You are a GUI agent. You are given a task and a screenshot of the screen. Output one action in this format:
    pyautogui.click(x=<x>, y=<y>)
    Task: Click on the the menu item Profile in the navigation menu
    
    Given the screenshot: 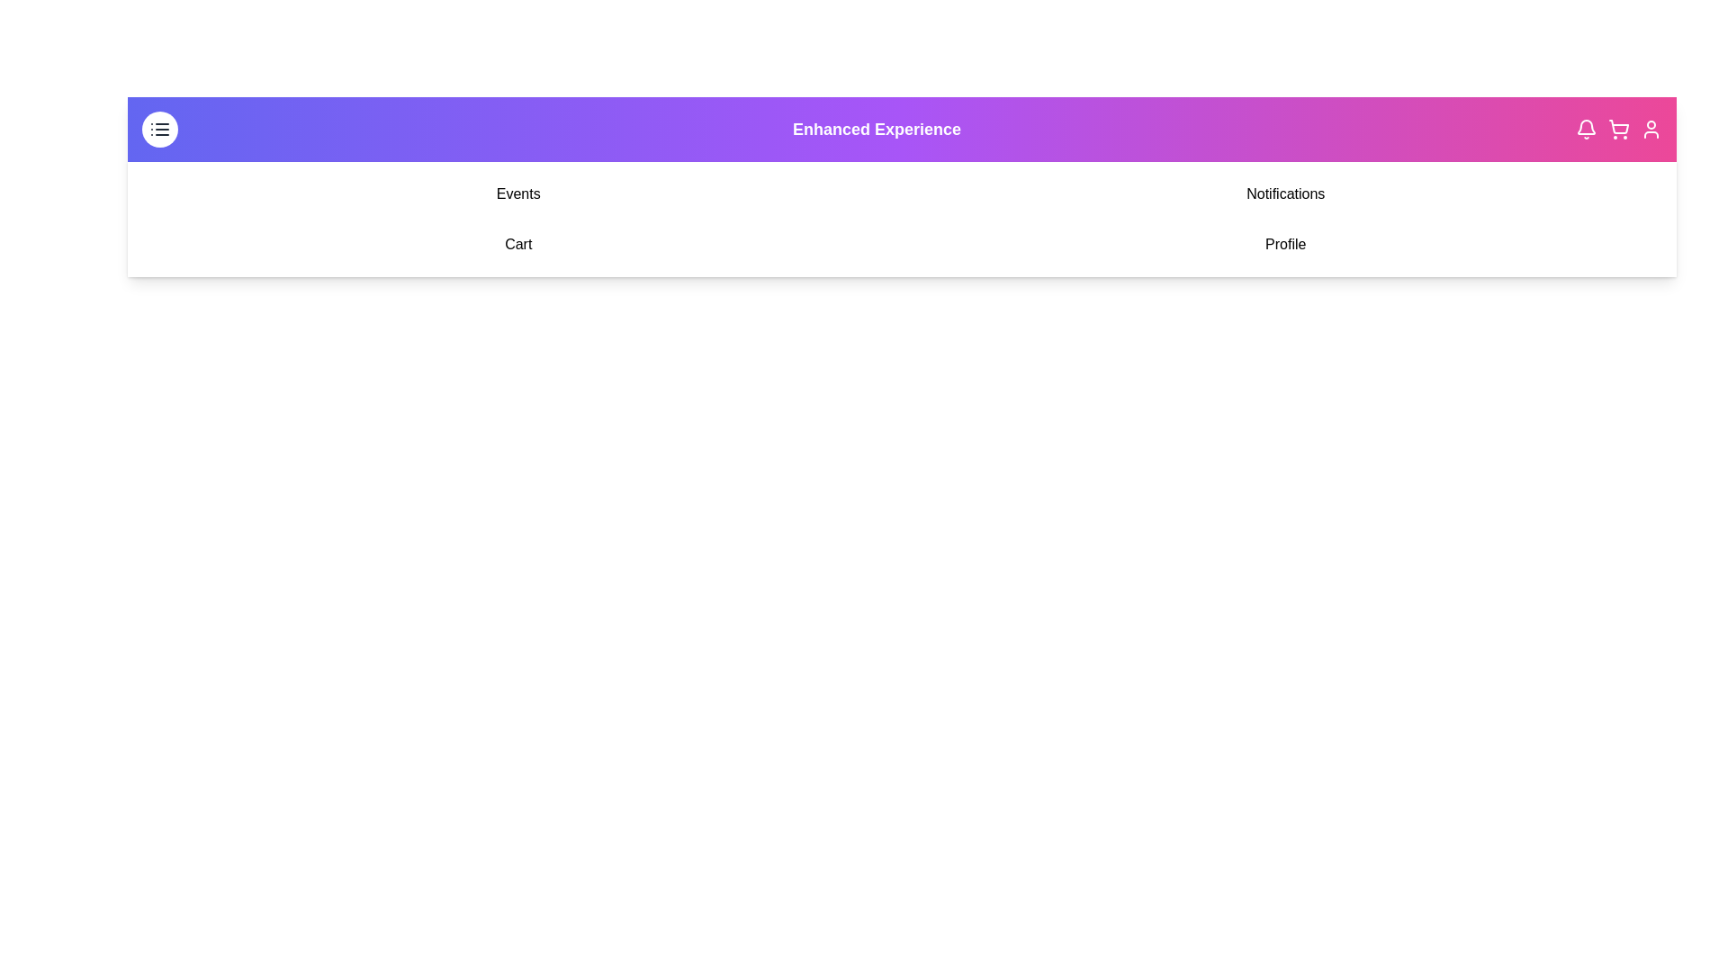 What is the action you would take?
    pyautogui.click(x=1284, y=245)
    